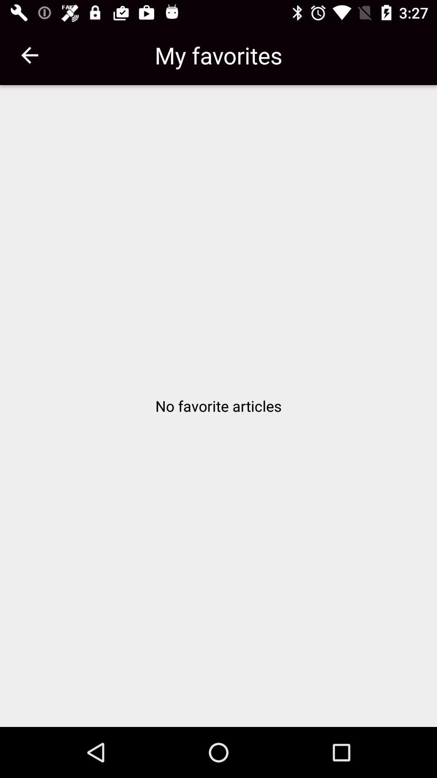  I want to click on the item at the top left corner, so click(29, 55).